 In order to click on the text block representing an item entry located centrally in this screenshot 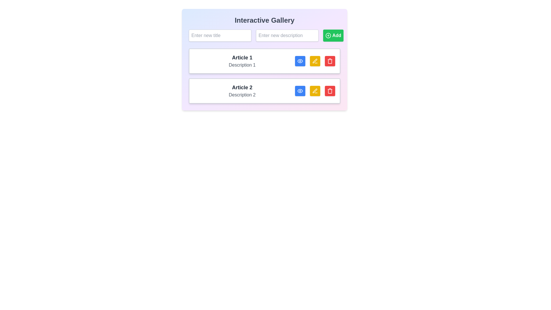, I will do `click(242, 61)`.